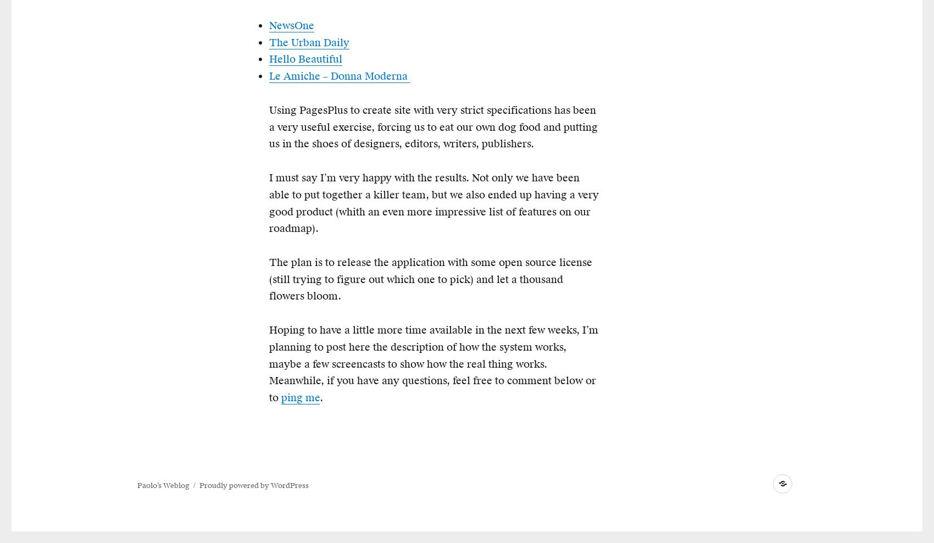  What do you see at coordinates (339, 75) in the screenshot?
I see `'Le Amiche – Donna Moderna'` at bounding box center [339, 75].